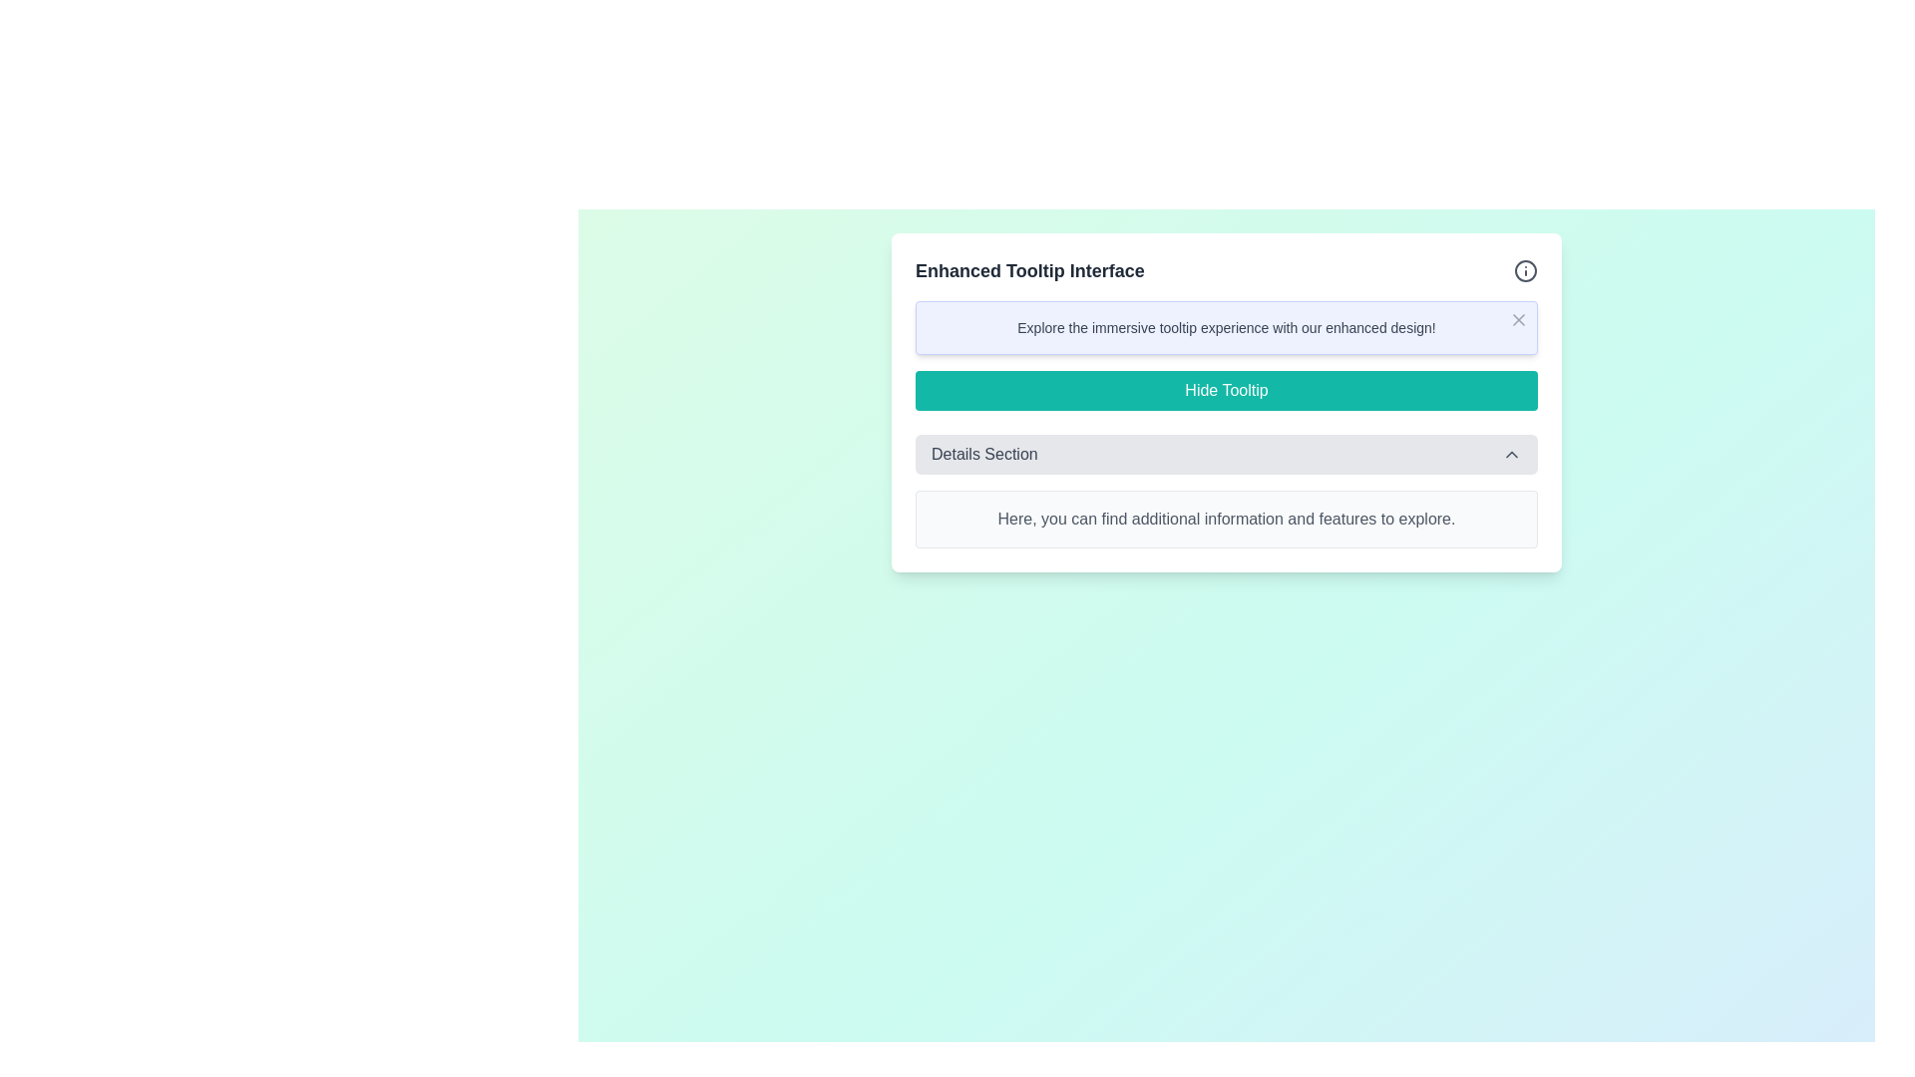 This screenshot has height=1077, width=1915. I want to click on the 'Hide Tooltip' button, which is a horizontally centered rectangular button with rounded corners and a solid teal background, containing white bold text, so click(1225, 403).